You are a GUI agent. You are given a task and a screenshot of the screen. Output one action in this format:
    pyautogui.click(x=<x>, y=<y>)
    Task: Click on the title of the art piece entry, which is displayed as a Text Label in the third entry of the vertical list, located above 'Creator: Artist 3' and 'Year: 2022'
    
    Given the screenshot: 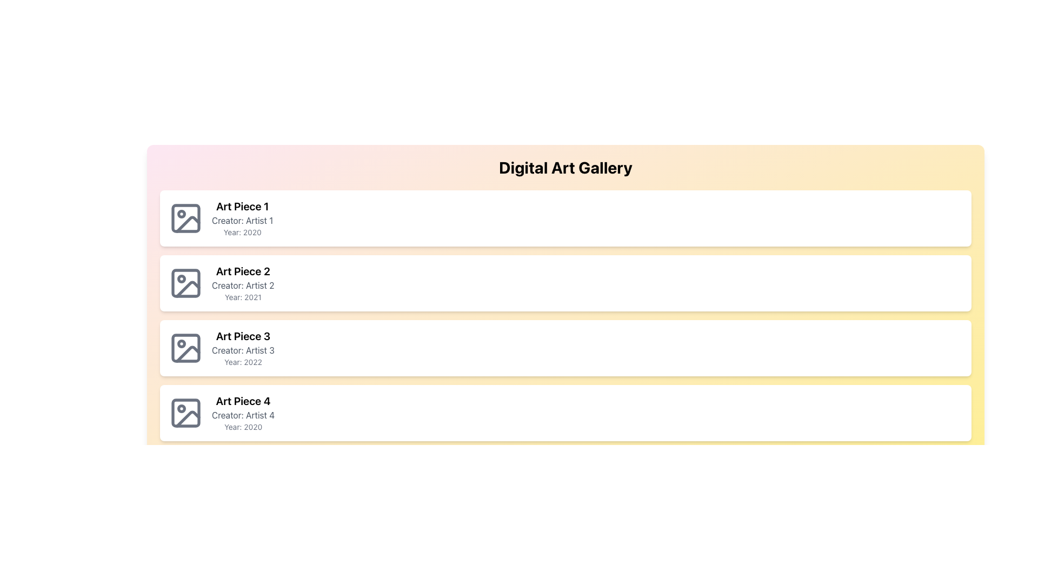 What is the action you would take?
    pyautogui.click(x=242, y=335)
    